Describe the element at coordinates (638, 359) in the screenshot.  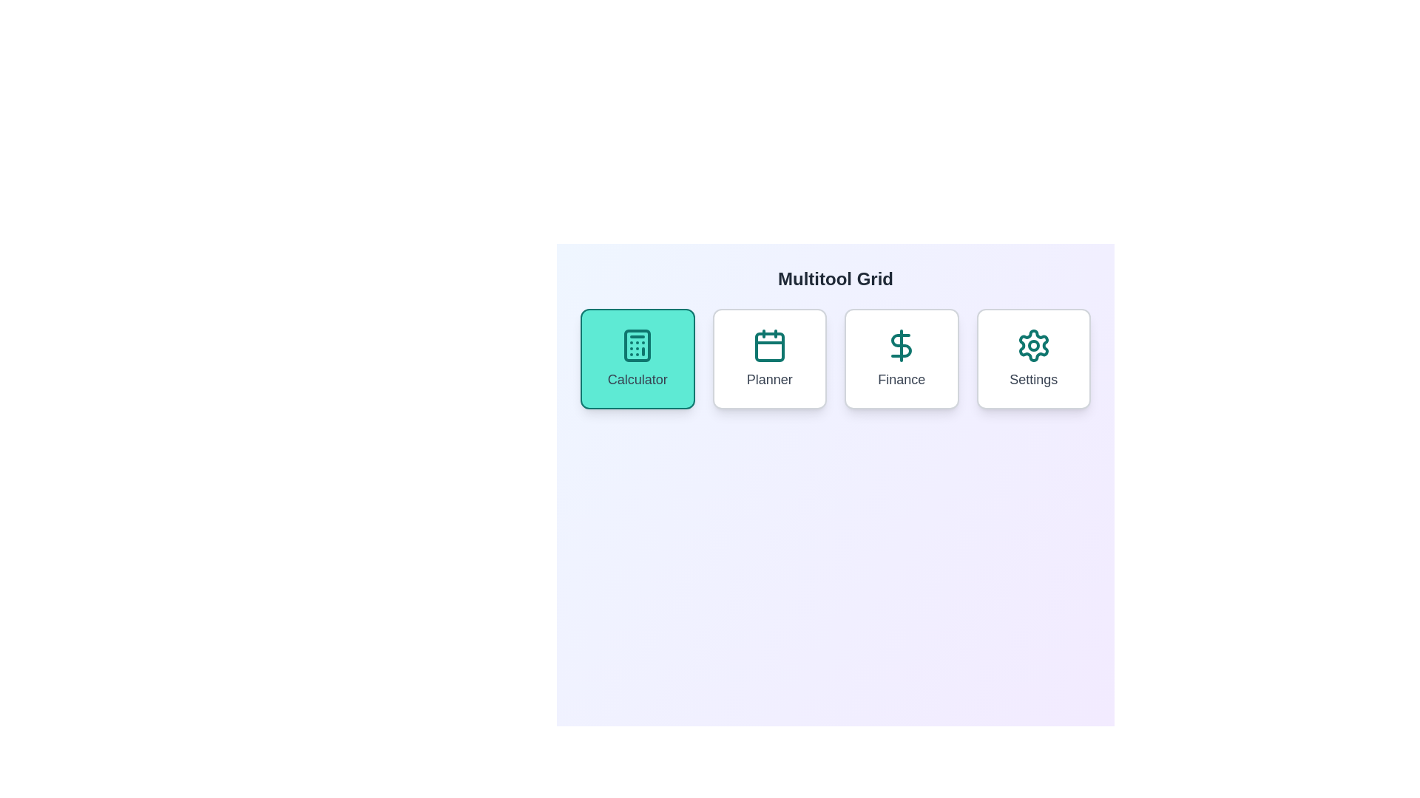
I see `the top-left button in the grid layout that activates the calculator tool` at that location.